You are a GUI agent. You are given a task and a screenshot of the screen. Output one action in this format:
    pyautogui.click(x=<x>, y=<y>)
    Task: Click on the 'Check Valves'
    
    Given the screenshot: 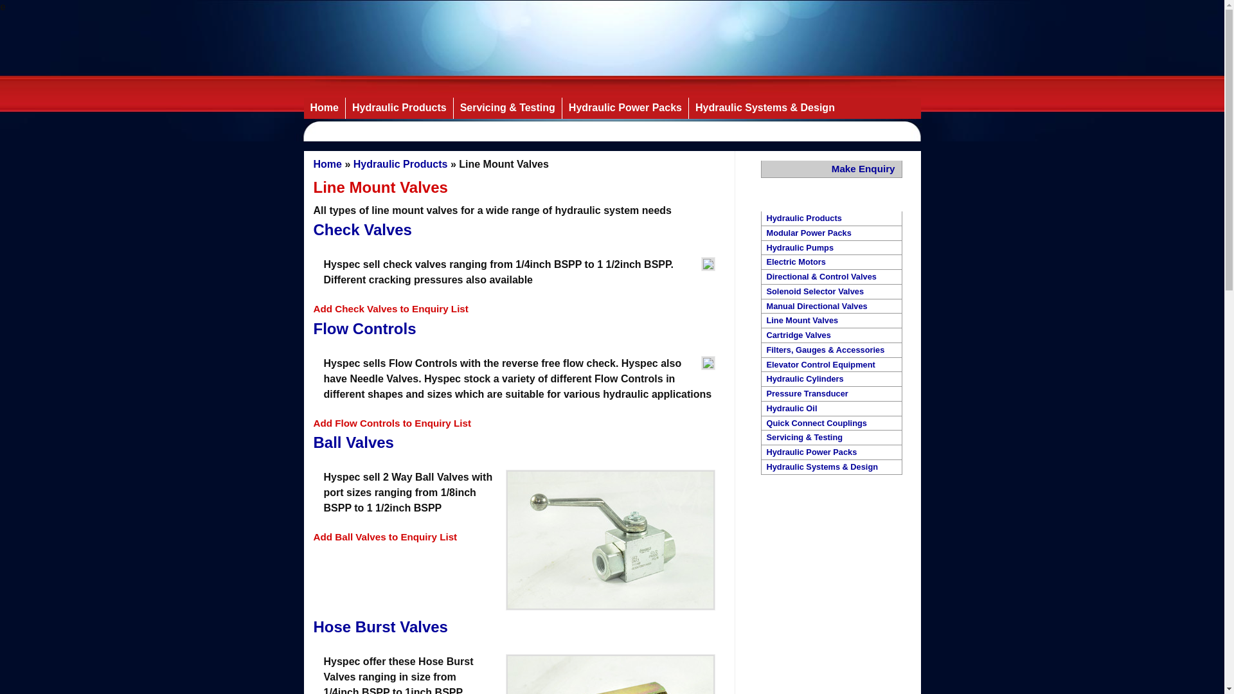 What is the action you would take?
    pyautogui.click(x=362, y=229)
    